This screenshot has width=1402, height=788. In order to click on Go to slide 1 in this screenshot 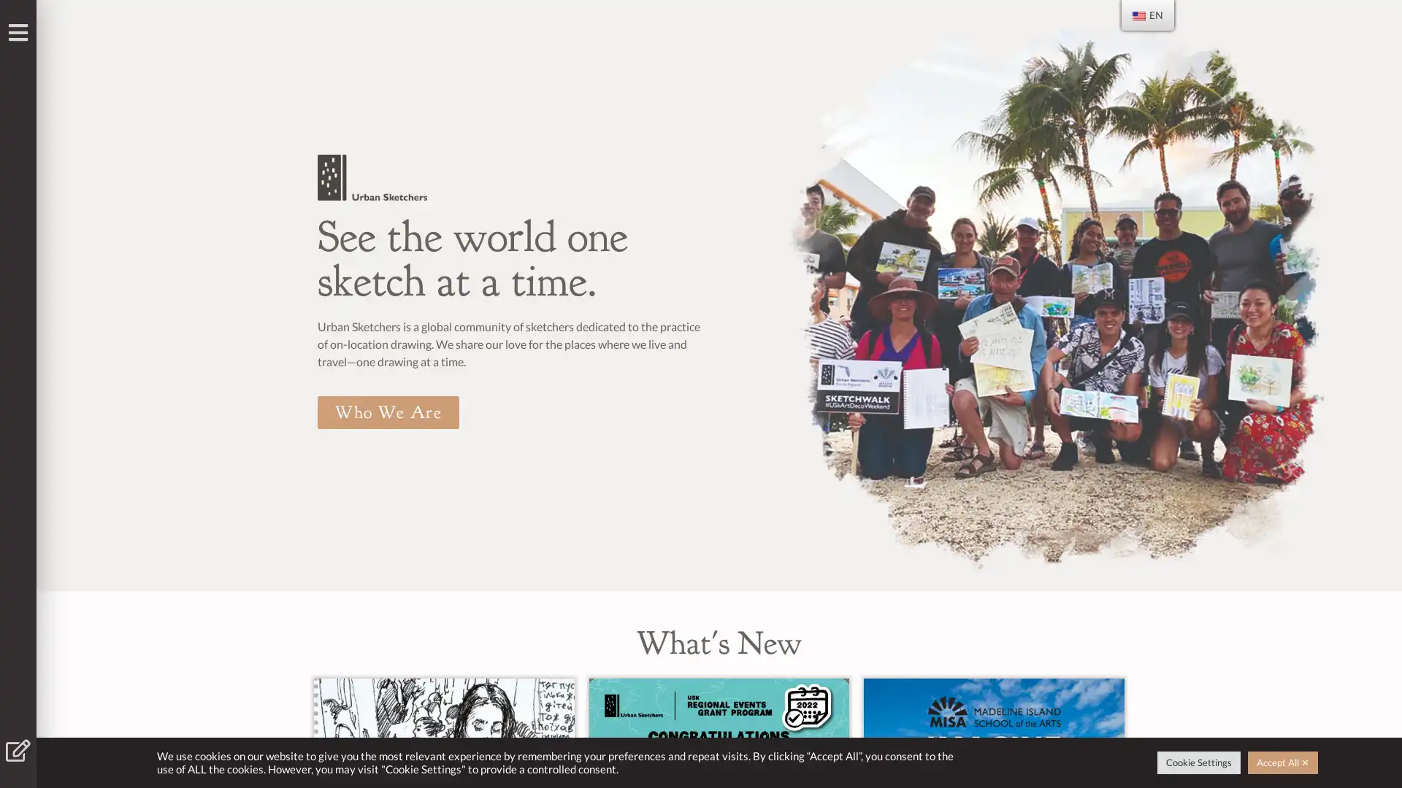, I will do `click(1054, 560)`.